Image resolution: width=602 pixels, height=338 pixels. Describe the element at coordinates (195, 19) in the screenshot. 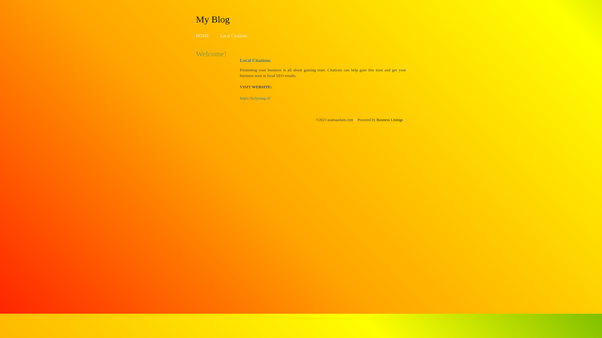

I see `'My Blog'` at that location.